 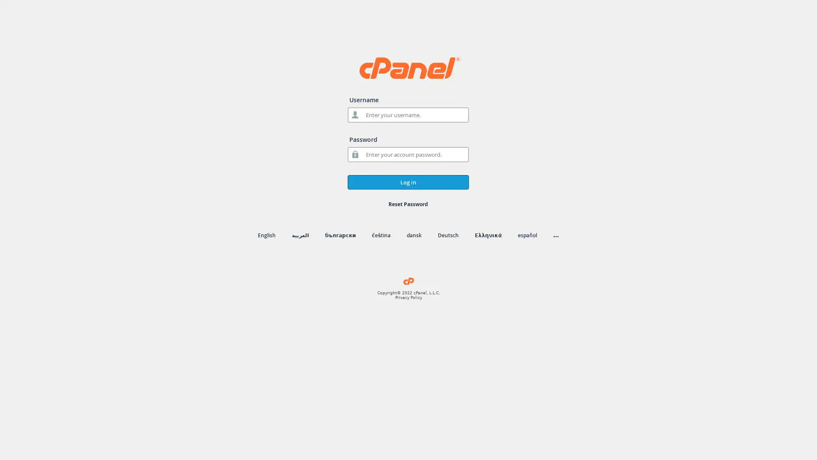 I want to click on Log in, so click(x=408, y=182).